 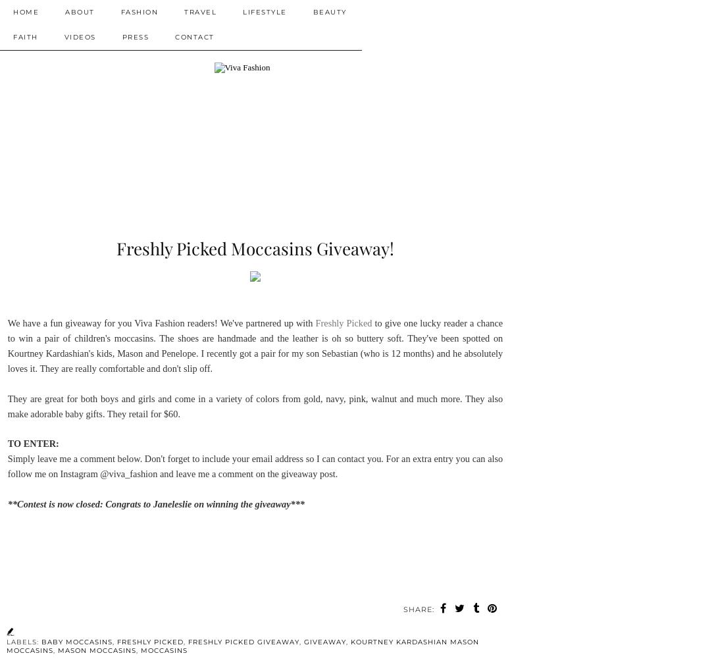 I want to click on 'kourtney kardashian mason moccasins', so click(x=242, y=645).